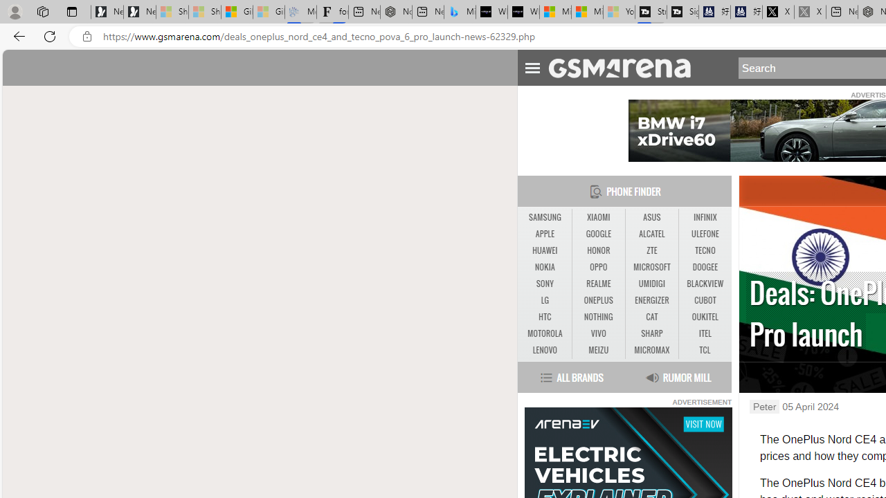 The image size is (886, 498). What do you see at coordinates (460, 12) in the screenshot?
I see `'Microsoft Bing Travel - Shangri-La Hotel Bangkok'` at bounding box center [460, 12].